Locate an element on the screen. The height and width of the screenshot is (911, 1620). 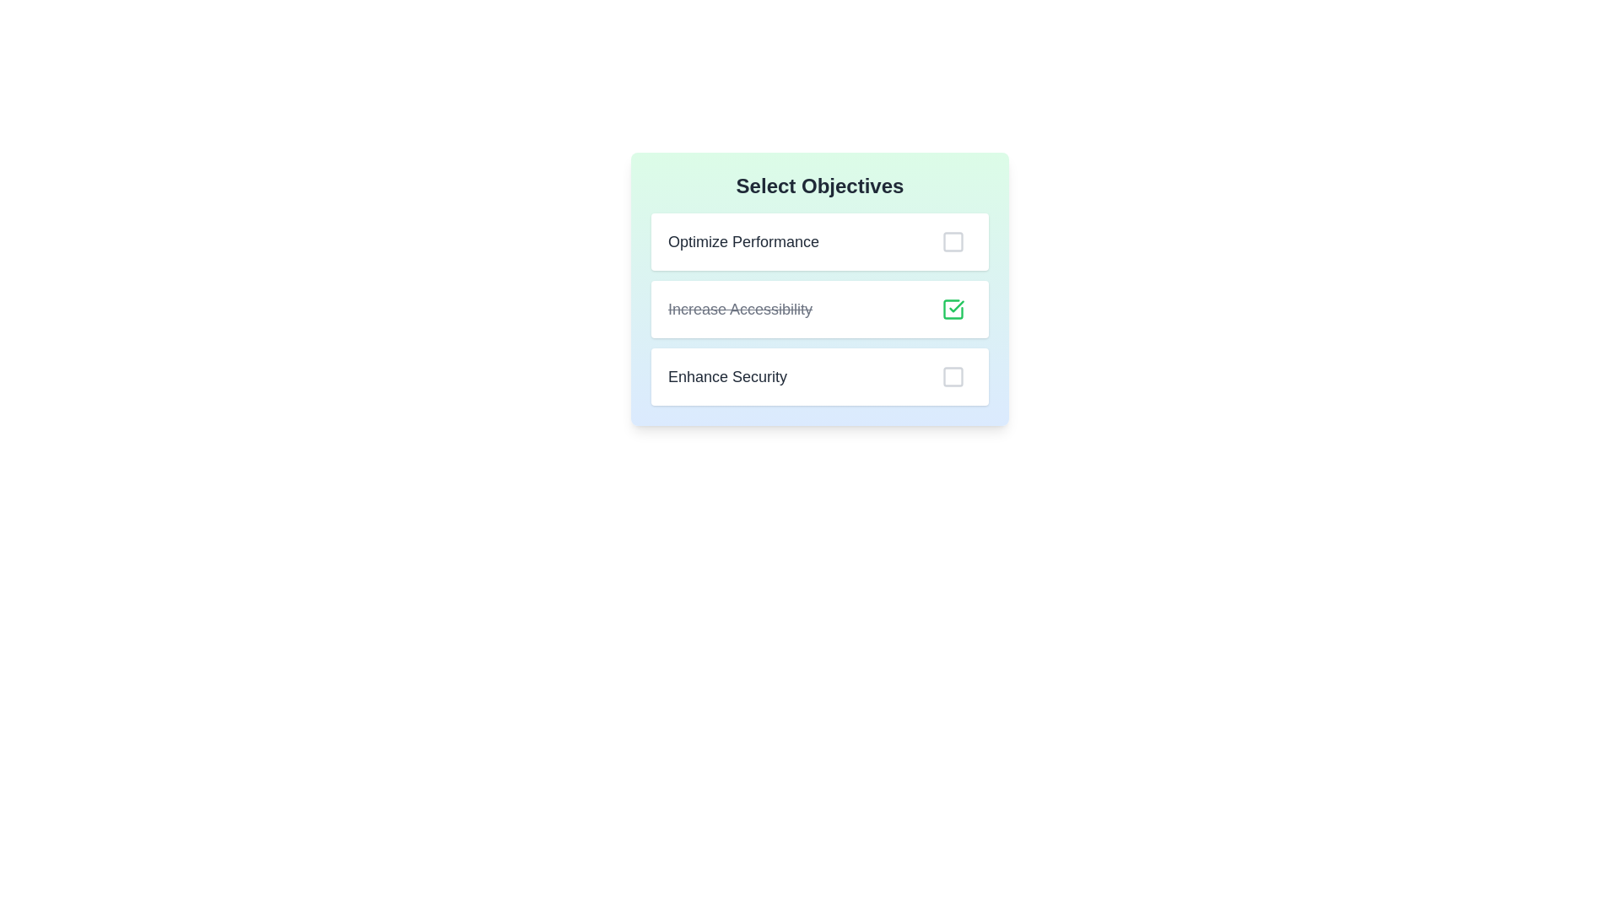
the text label displaying 'Enhance Security', which is styled in bold dark gray and located to the left of an associated checkbox in the third row of the 'Select Objectives' list is located at coordinates (727, 376).